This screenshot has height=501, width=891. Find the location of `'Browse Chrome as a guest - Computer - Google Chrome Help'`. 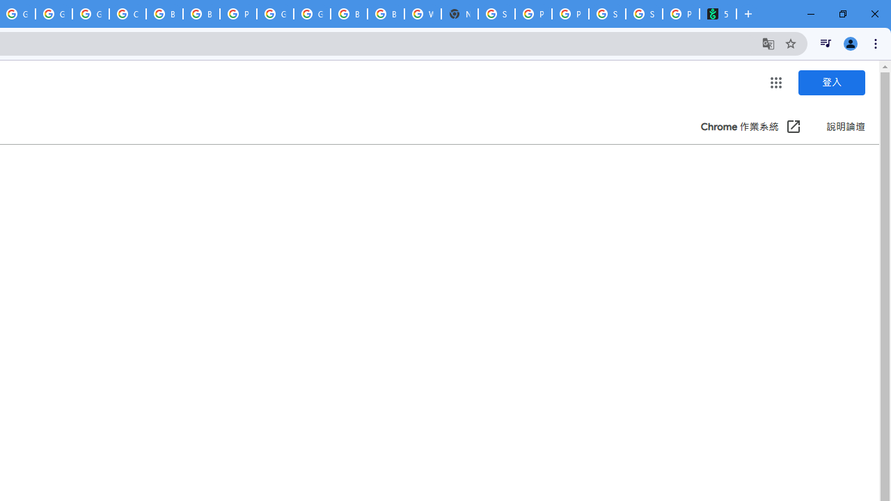

'Browse Chrome as a guest - Computer - Google Chrome Help' is located at coordinates (164, 14).